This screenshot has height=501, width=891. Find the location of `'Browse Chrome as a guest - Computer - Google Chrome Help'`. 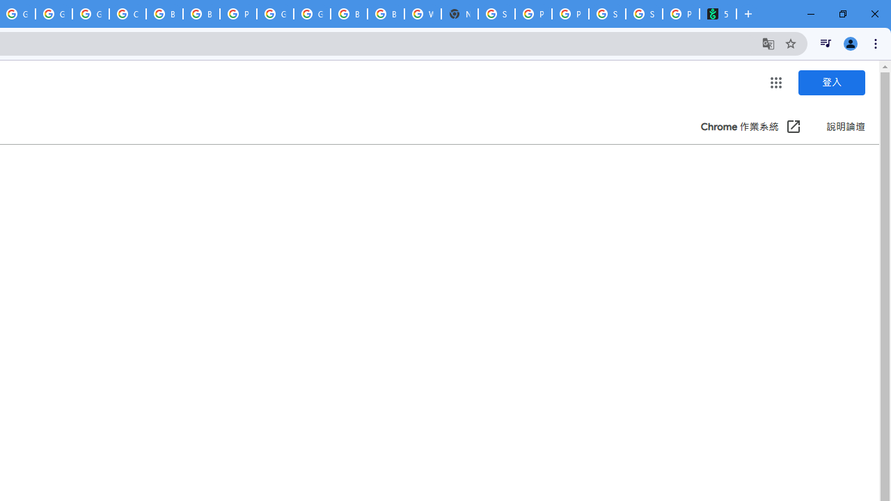

'Browse Chrome as a guest - Computer - Google Chrome Help' is located at coordinates (164, 14).